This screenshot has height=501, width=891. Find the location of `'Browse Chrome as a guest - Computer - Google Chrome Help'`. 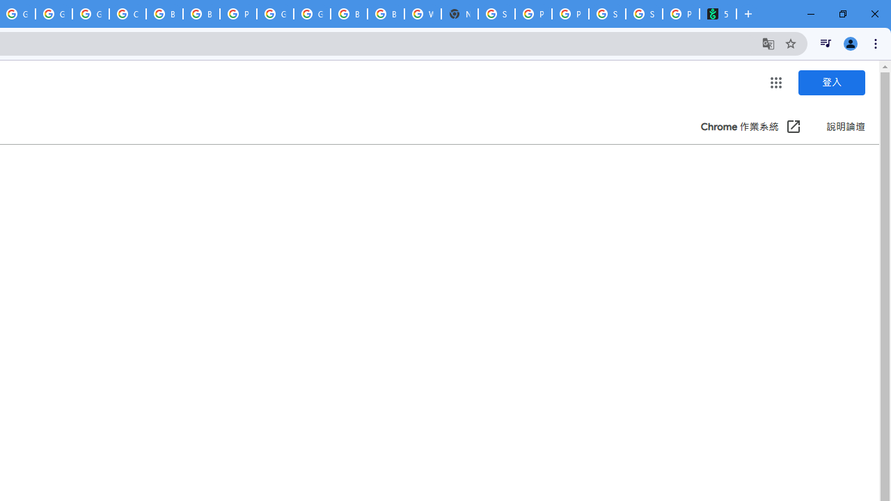

'Browse Chrome as a guest - Computer - Google Chrome Help' is located at coordinates (164, 14).